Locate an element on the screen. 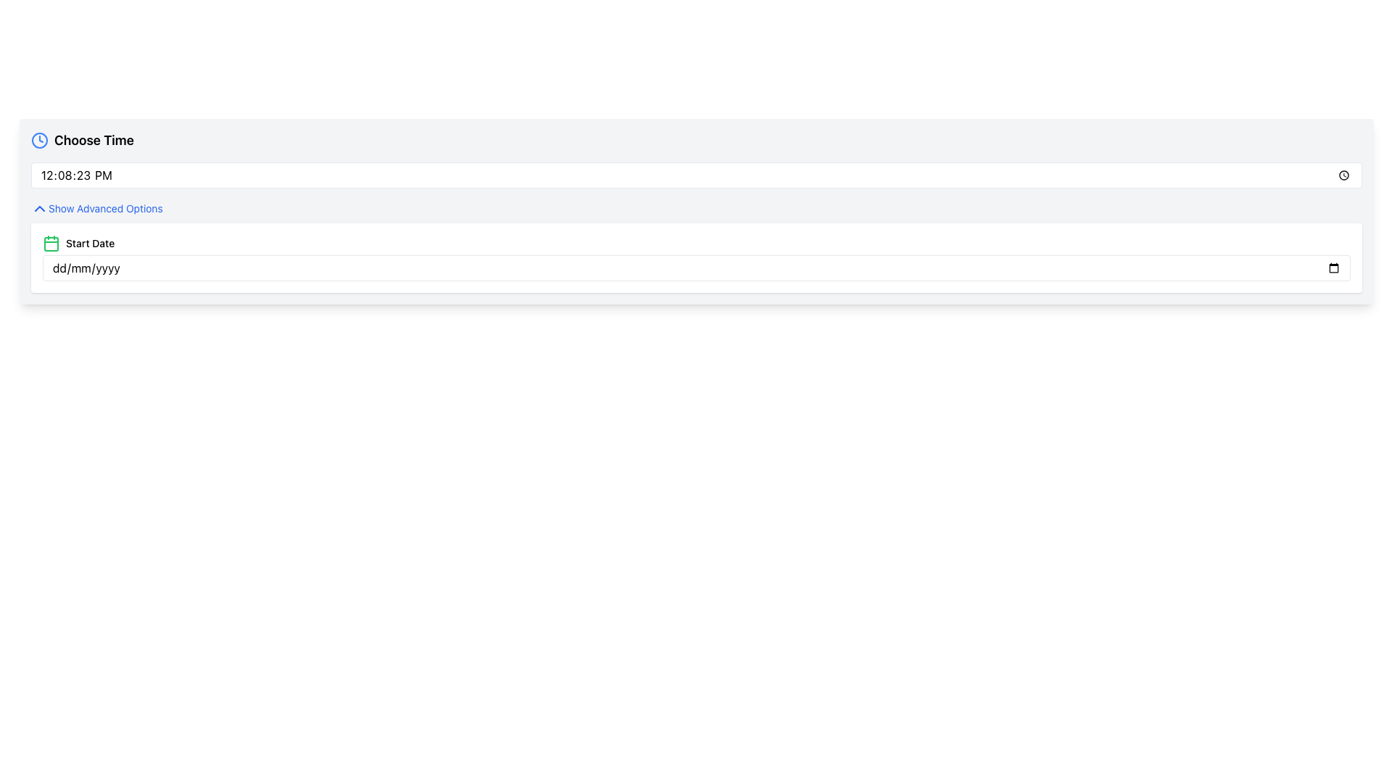 This screenshot has width=1392, height=783. the 'Choose Time' text label, which is a bold, large font element located in the top-left corner of the date and time options section, immediately to the right of a blue clock icon is located at coordinates (93, 140).